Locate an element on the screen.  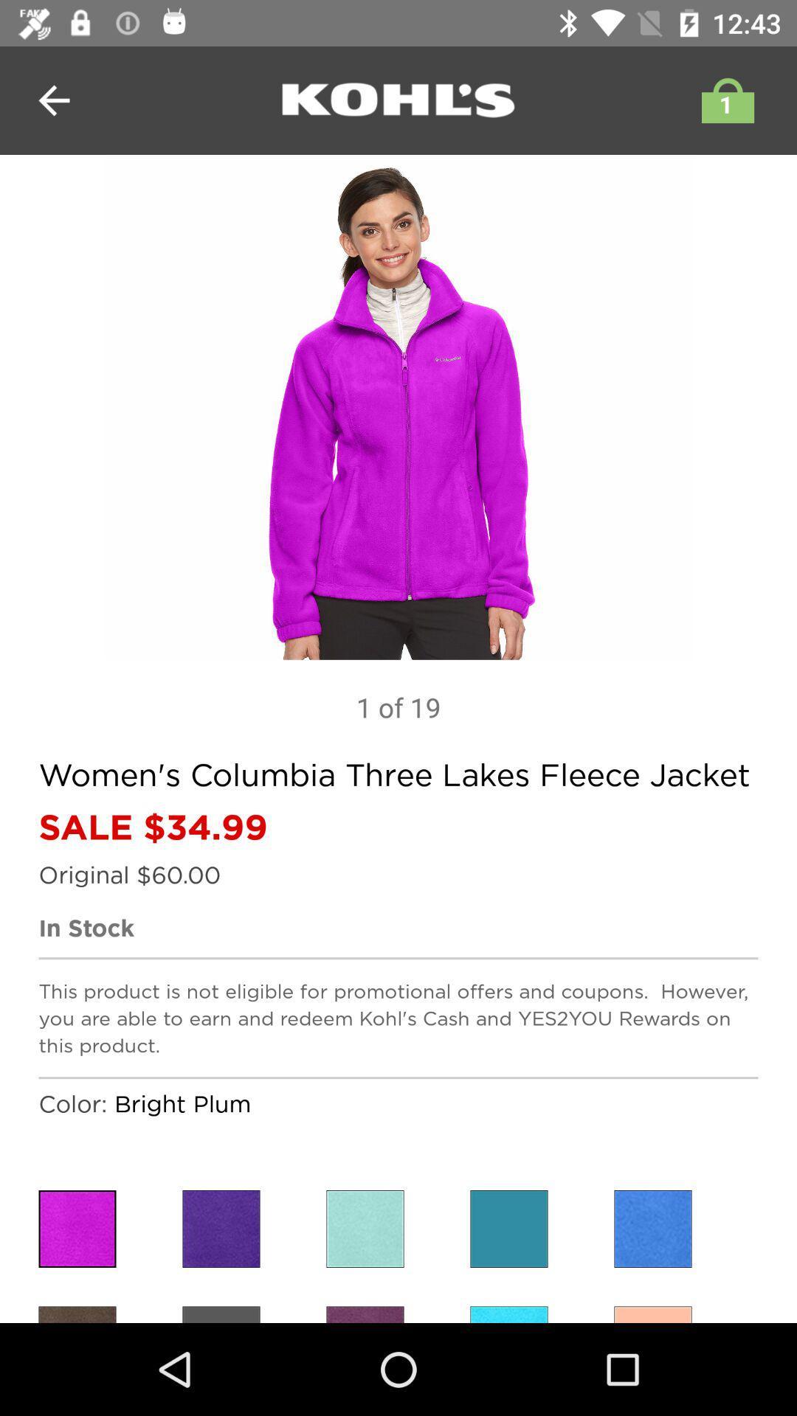
item below the color: icon is located at coordinates (77, 1229).